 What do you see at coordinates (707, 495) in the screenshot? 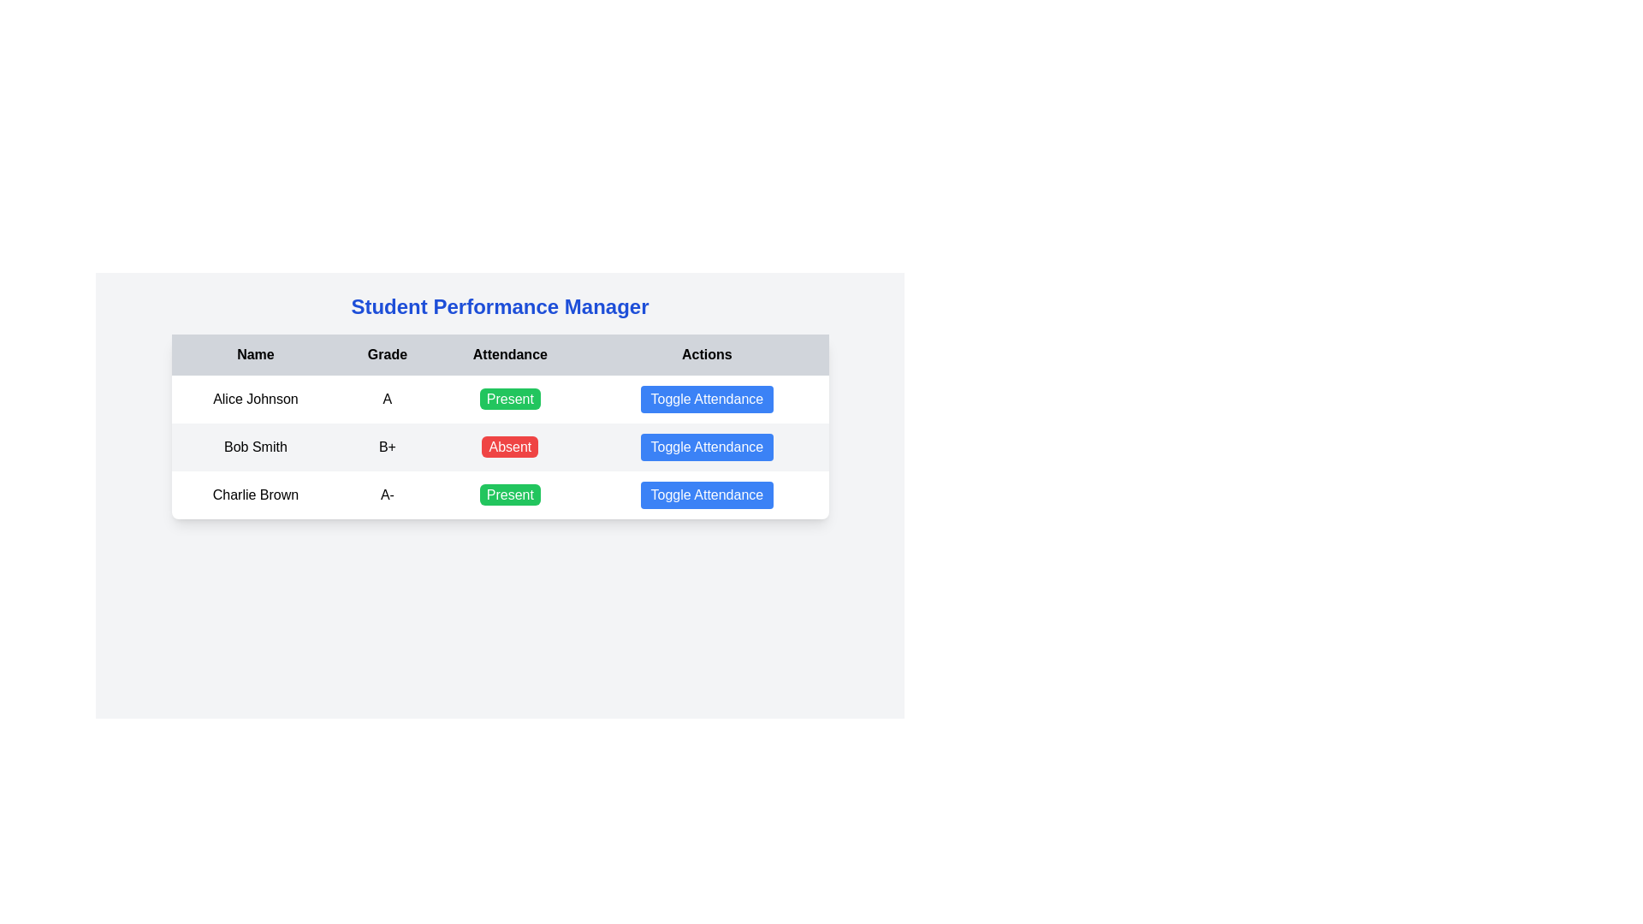
I see `the attendance status toggle button for 'Charlie Brown'` at bounding box center [707, 495].